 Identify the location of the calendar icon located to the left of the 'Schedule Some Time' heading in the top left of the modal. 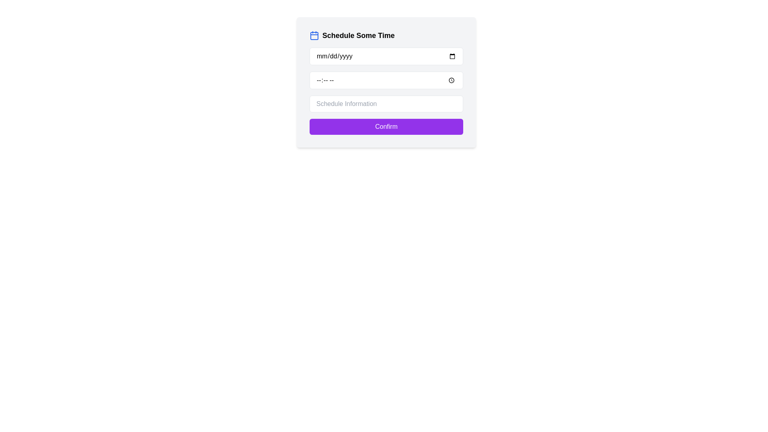
(314, 35).